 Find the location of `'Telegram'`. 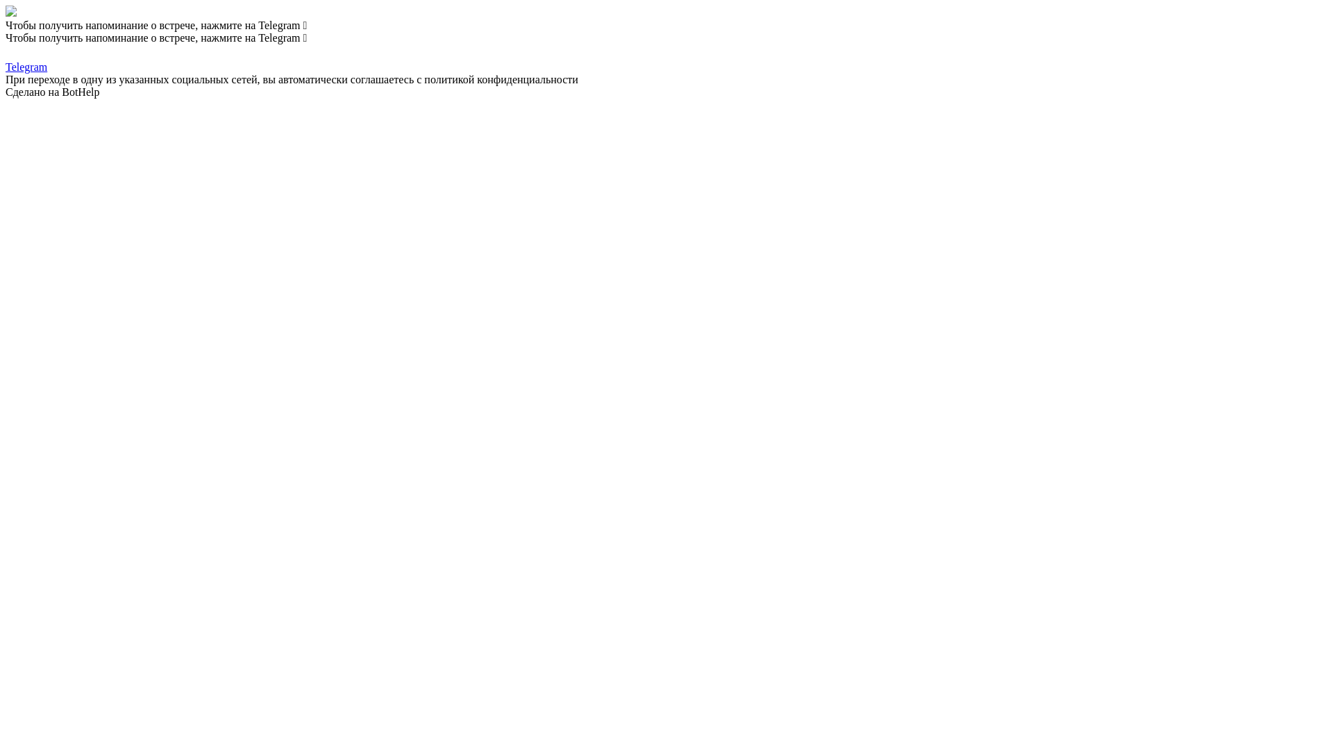

'Telegram' is located at coordinates (12, 50).